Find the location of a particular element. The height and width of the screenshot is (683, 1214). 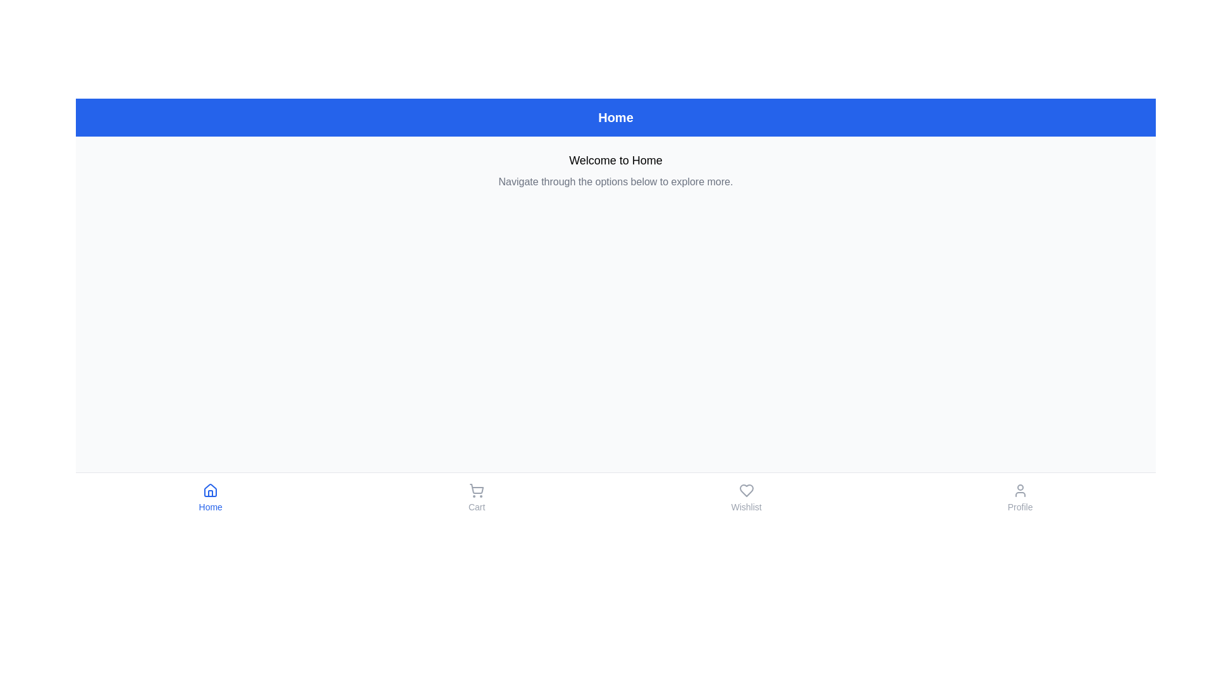

text label displaying 'Wishlist' located beneath the heart-shaped icon in the bottom navigation bar is located at coordinates (746, 507).